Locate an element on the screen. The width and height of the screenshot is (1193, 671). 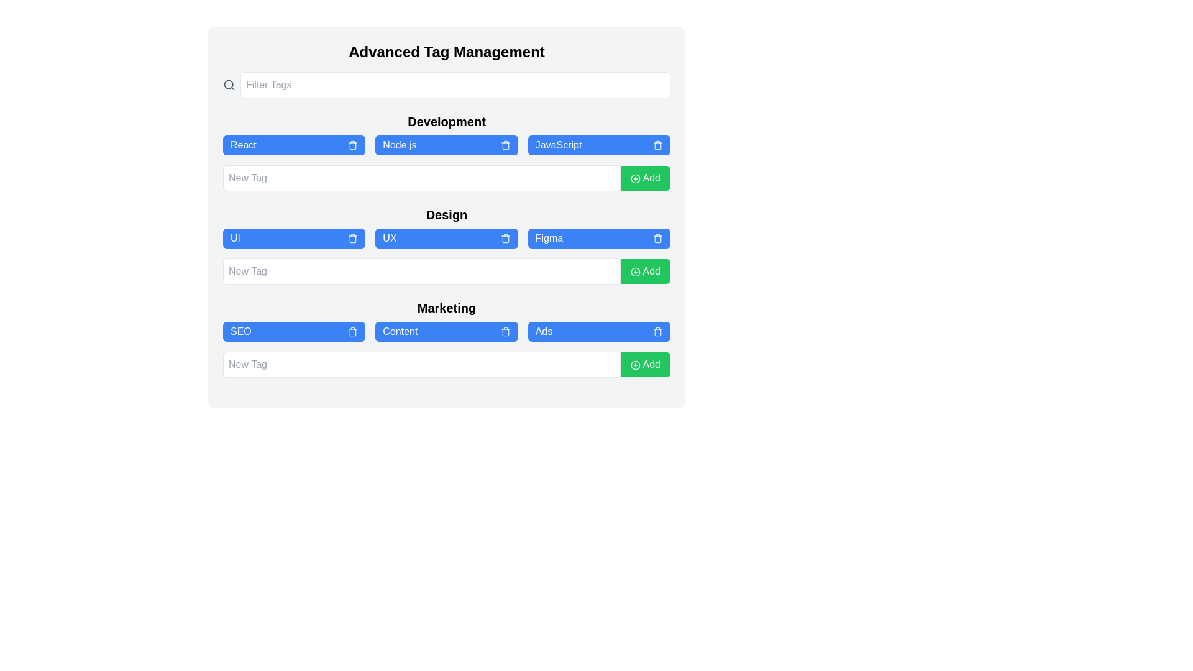
the main body of the trash bin icon, which represents the delete function for the 'Content' tag under the 'Marketing' section is located at coordinates (505, 332).